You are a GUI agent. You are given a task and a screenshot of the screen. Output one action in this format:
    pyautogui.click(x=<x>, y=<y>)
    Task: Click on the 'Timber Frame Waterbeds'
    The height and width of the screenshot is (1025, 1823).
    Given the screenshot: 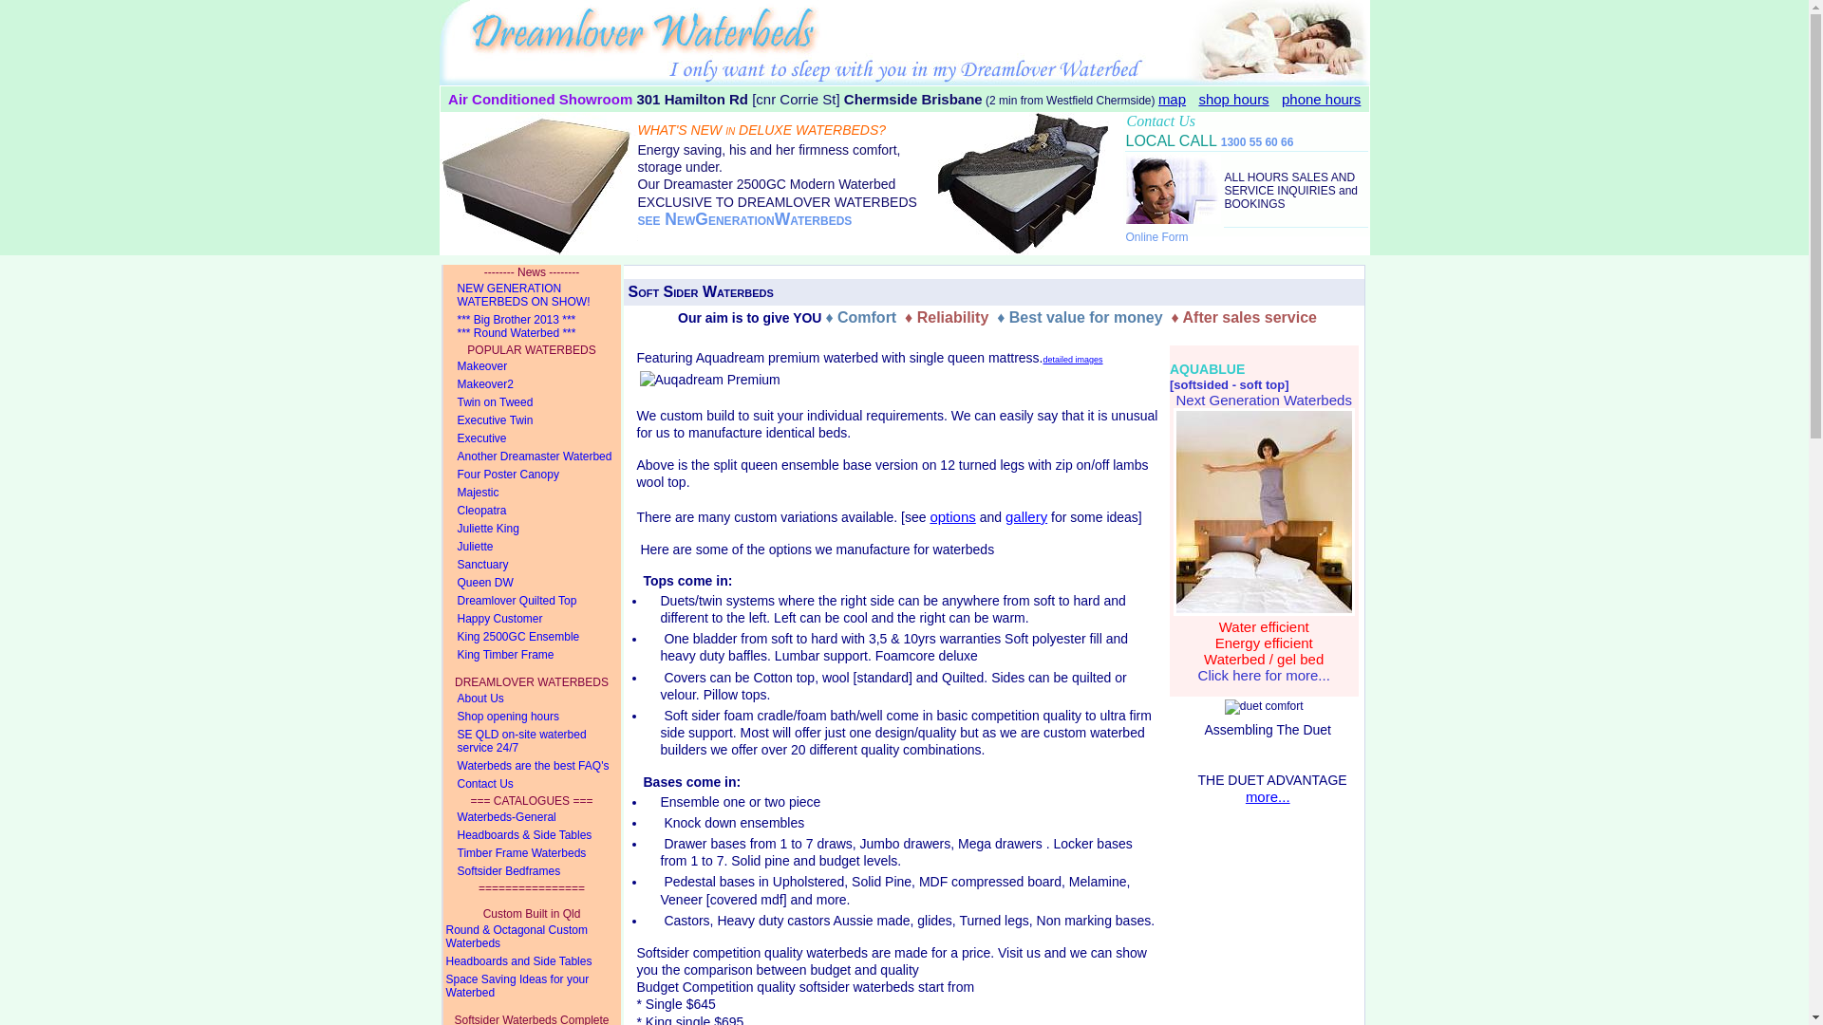 What is the action you would take?
    pyautogui.click(x=531, y=852)
    